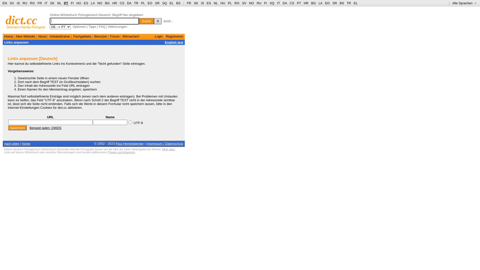 The image size is (480, 270). I want to click on 'home', so click(26, 143).